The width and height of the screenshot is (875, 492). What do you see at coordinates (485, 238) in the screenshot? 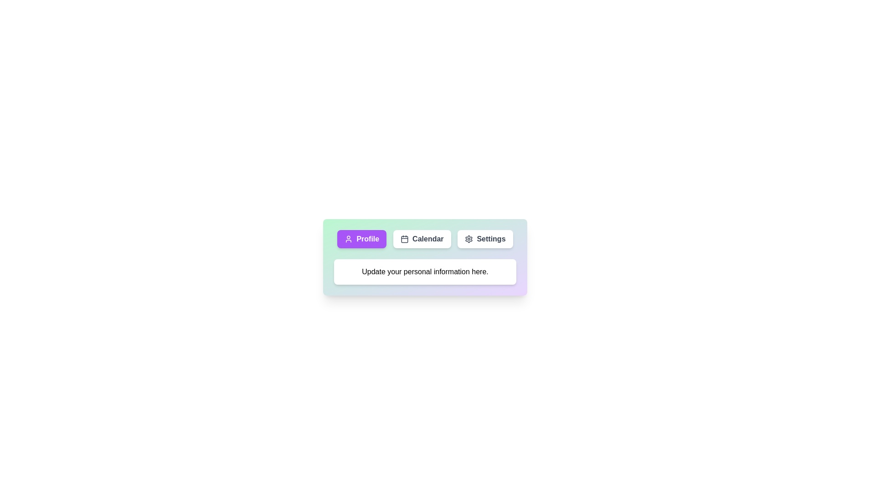
I see `the 'Settings' button, which is the third button in the row containing 'Profile', 'Calendar', and 'Settings'` at bounding box center [485, 238].